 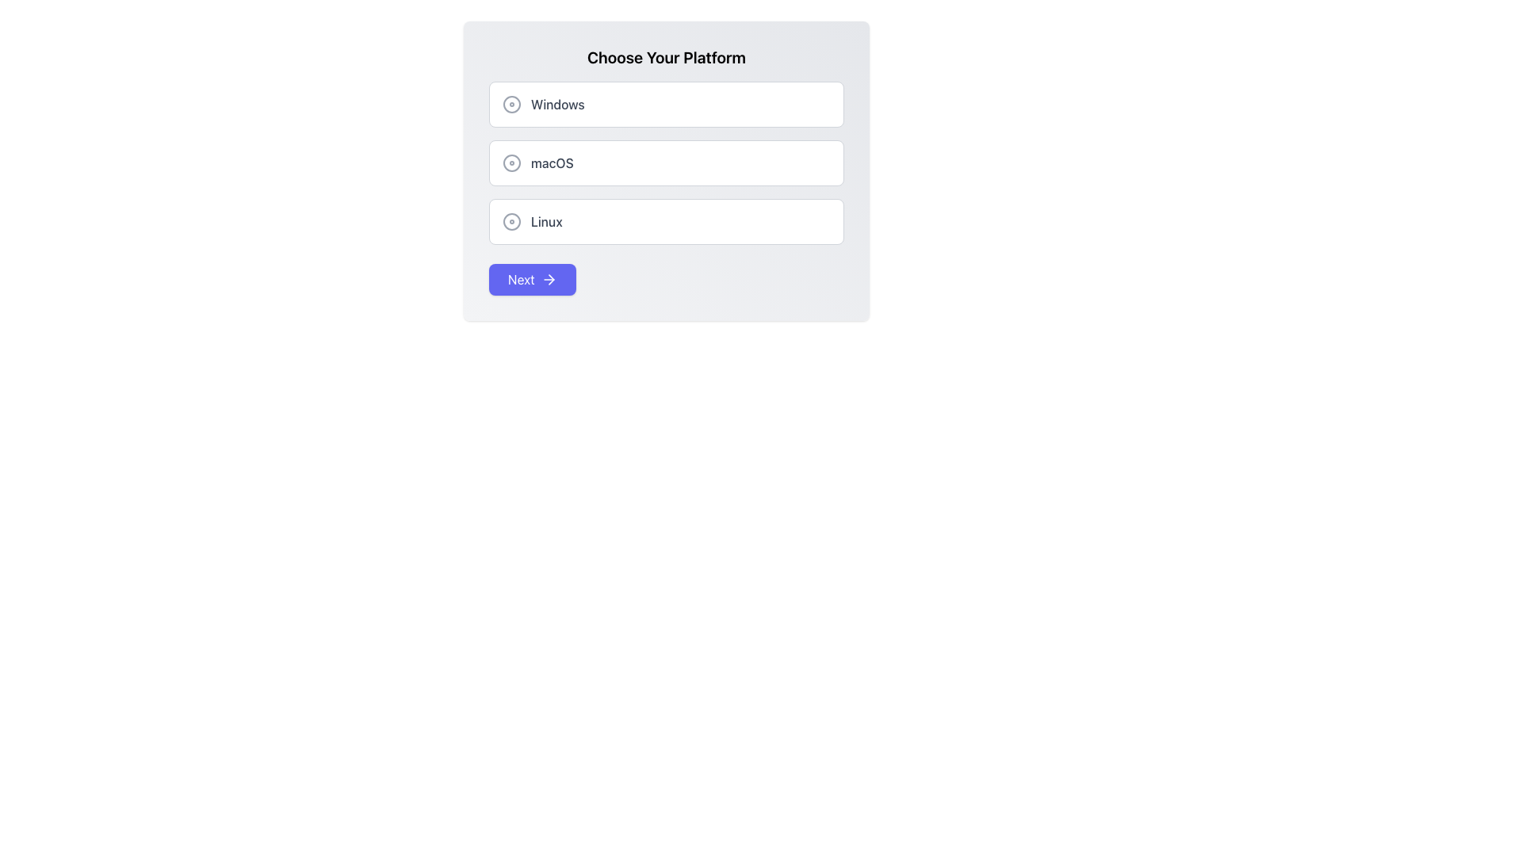 What do you see at coordinates (551, 279) in the screenshot?
I see `the right-pointing arrow icon, which is part of an SVG component and positioned to the right side of the 'Next' button` at bounding box center [551, 279].